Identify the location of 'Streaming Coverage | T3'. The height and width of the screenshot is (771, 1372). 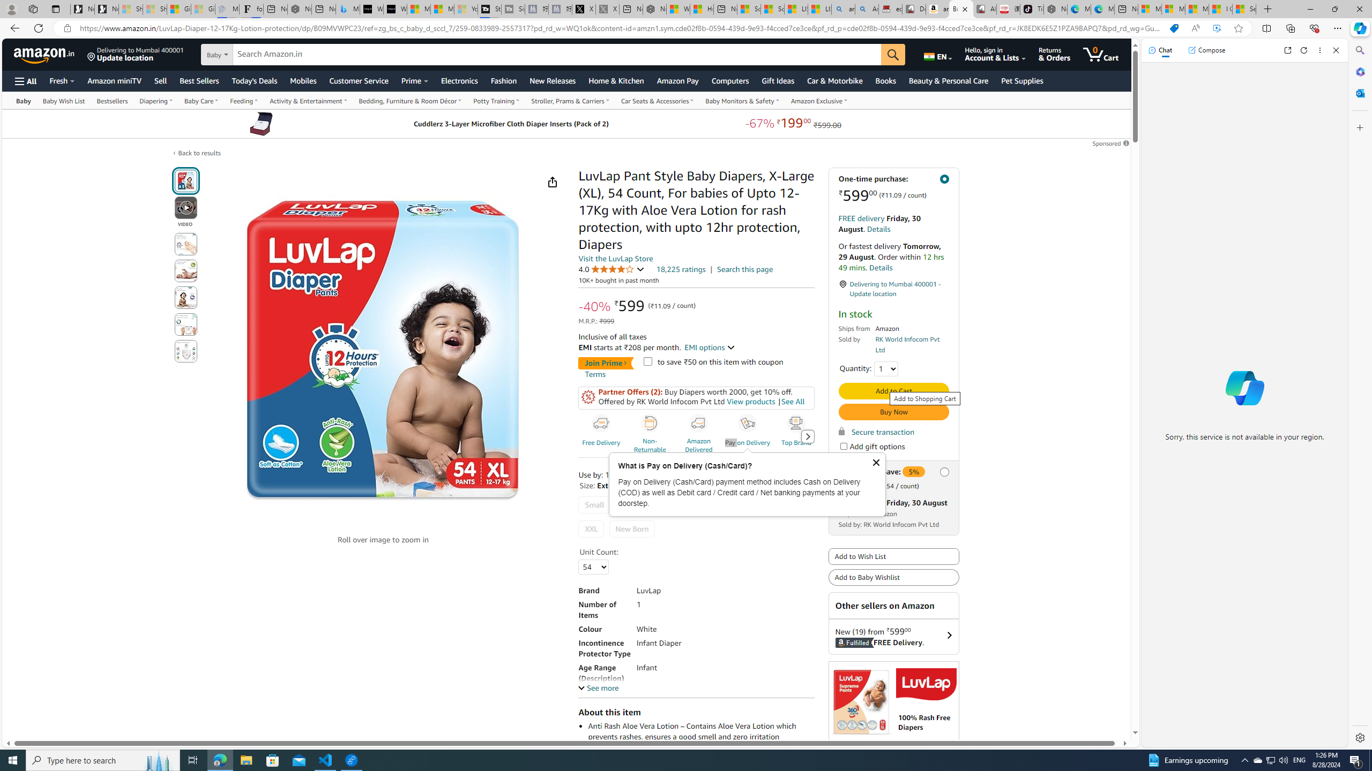
(489, 9).